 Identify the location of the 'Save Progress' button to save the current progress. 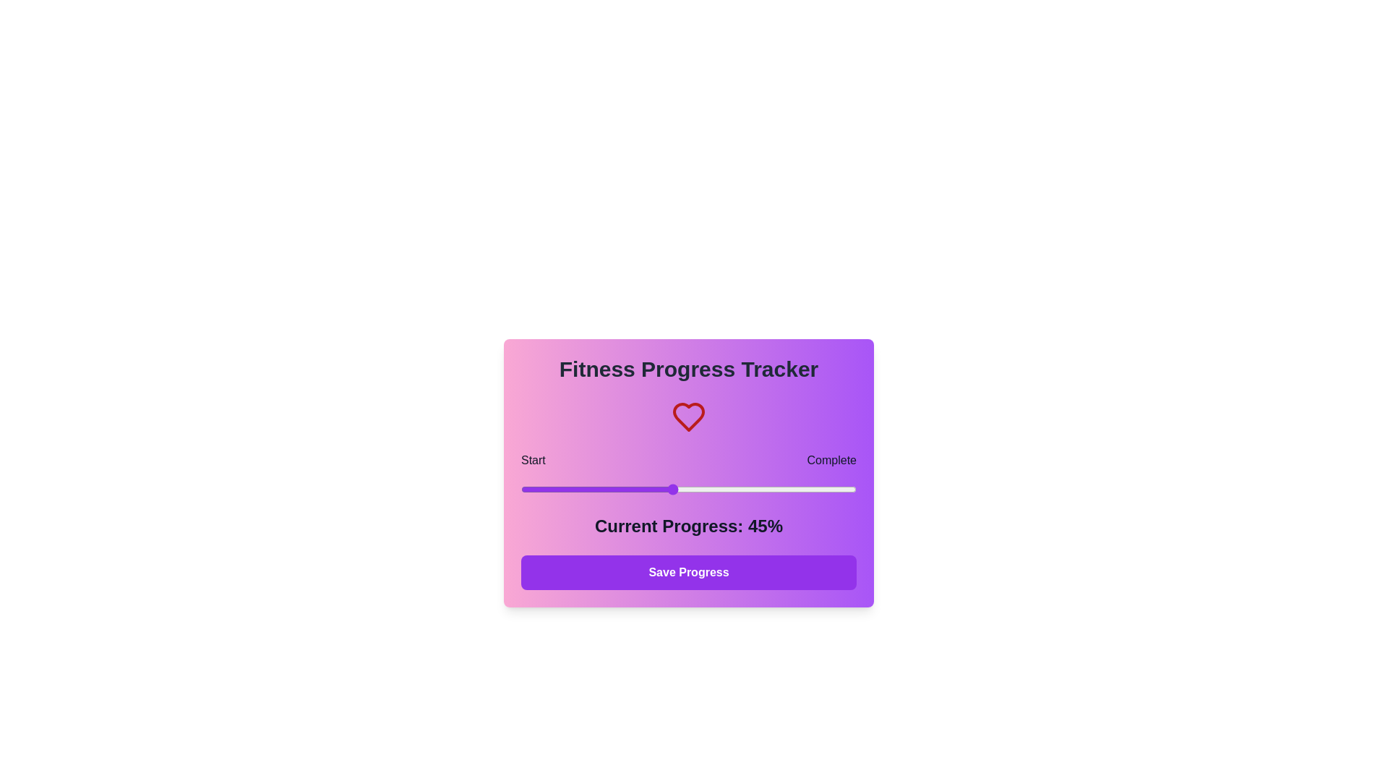
(688, 571).